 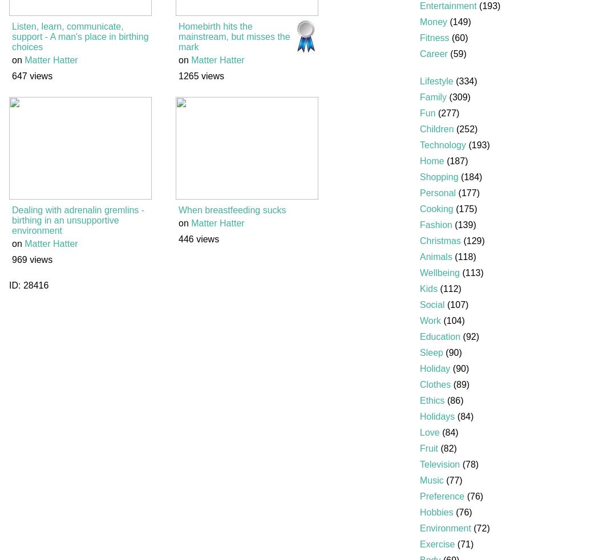 What do you see at coordinates (419, 21) in the screenshot?
I see `'Money'` at bounding box center [419, 21].